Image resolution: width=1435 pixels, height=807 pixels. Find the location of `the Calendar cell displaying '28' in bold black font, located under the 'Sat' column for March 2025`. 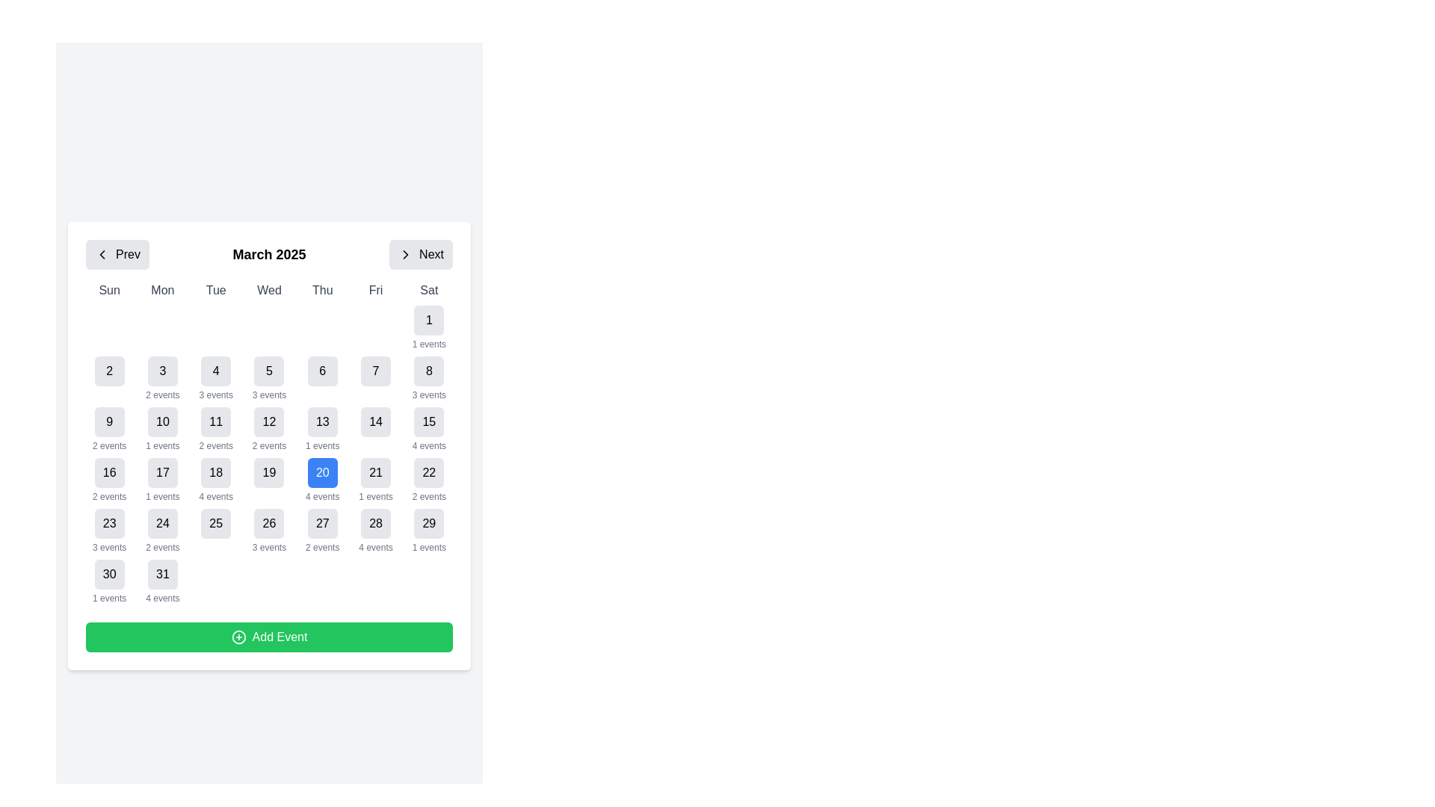

the Calendar cell displaying '28' in bold black font, located under the 'Sat' column for March 2025 is located at coordinates (376, 530).